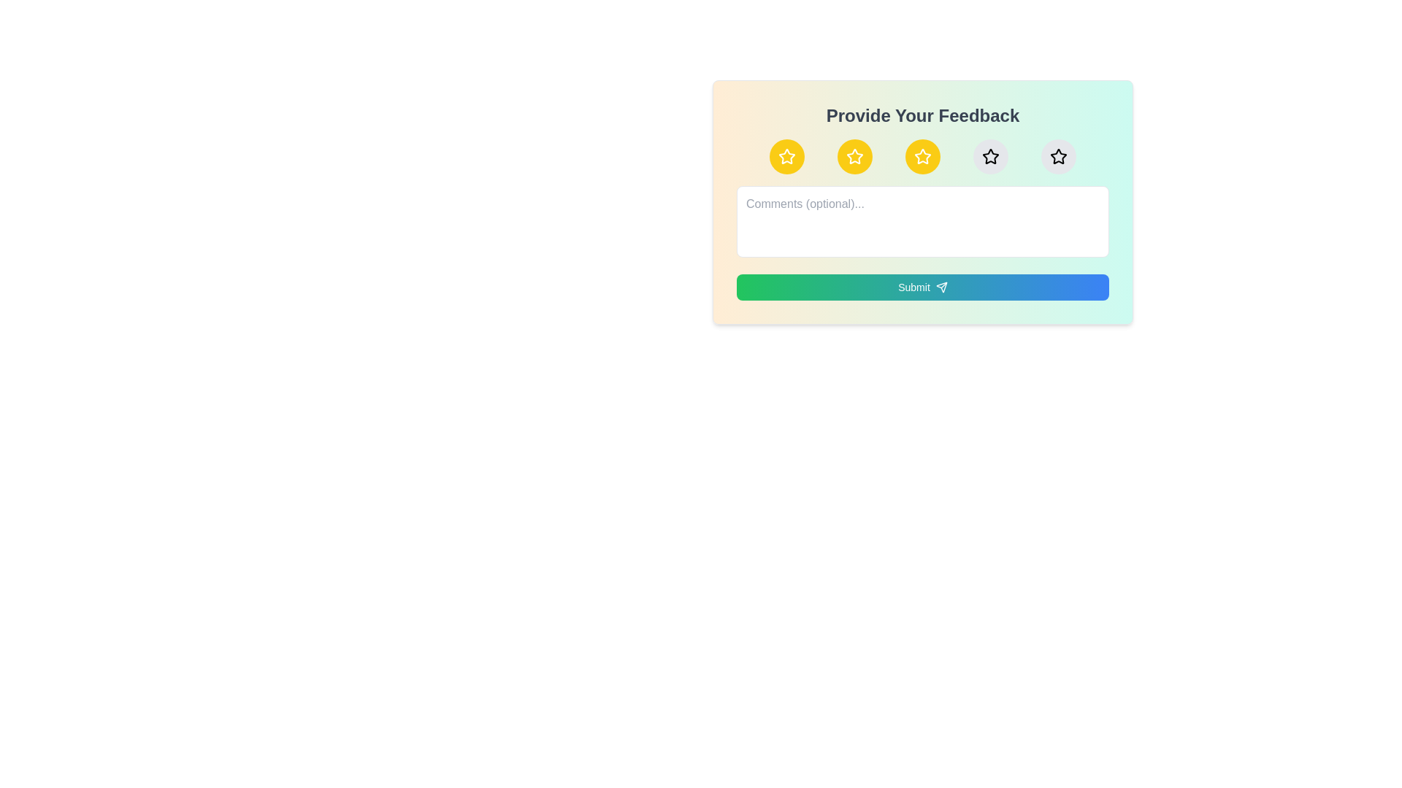 Image resolution: width=1402 pixels, height=788 pixels. I want to click on the star corresponding to the desired rating 2, so click(855, 157).